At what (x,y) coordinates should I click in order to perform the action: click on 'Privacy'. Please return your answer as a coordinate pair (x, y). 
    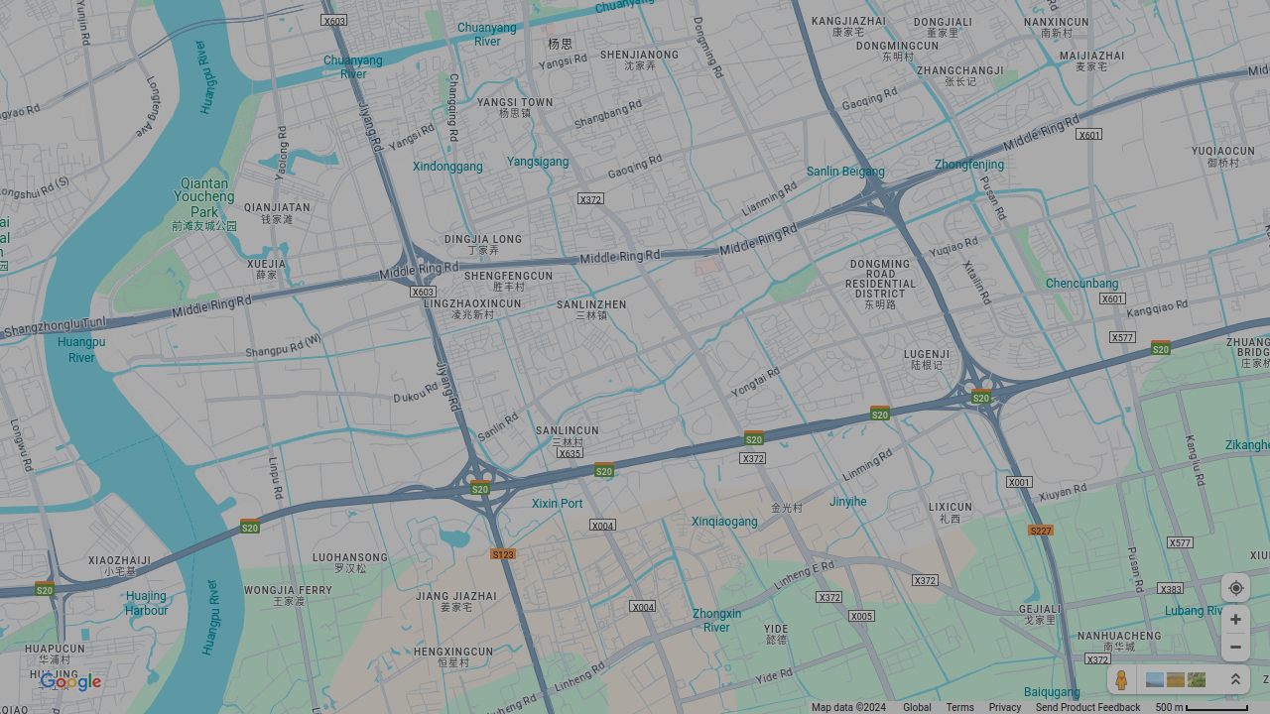
    Looking at the image, I should click on (1004, 706).